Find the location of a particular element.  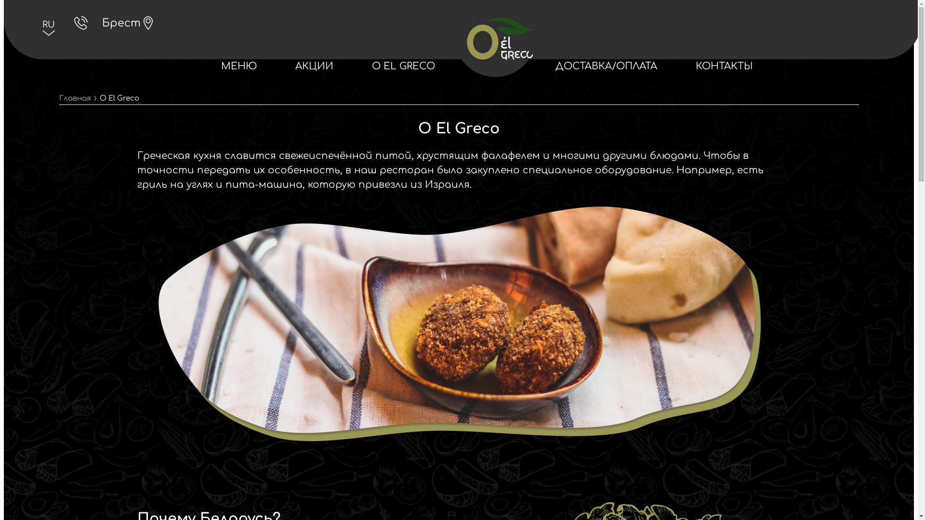

'RU' is located at coordinates (48, 24).